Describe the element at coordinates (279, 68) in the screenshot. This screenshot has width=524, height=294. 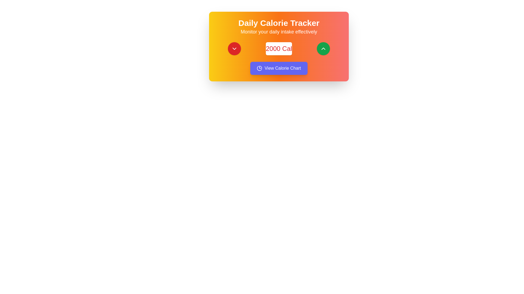
I see `the navigational button below the '2000 Cal' text box` at that location.